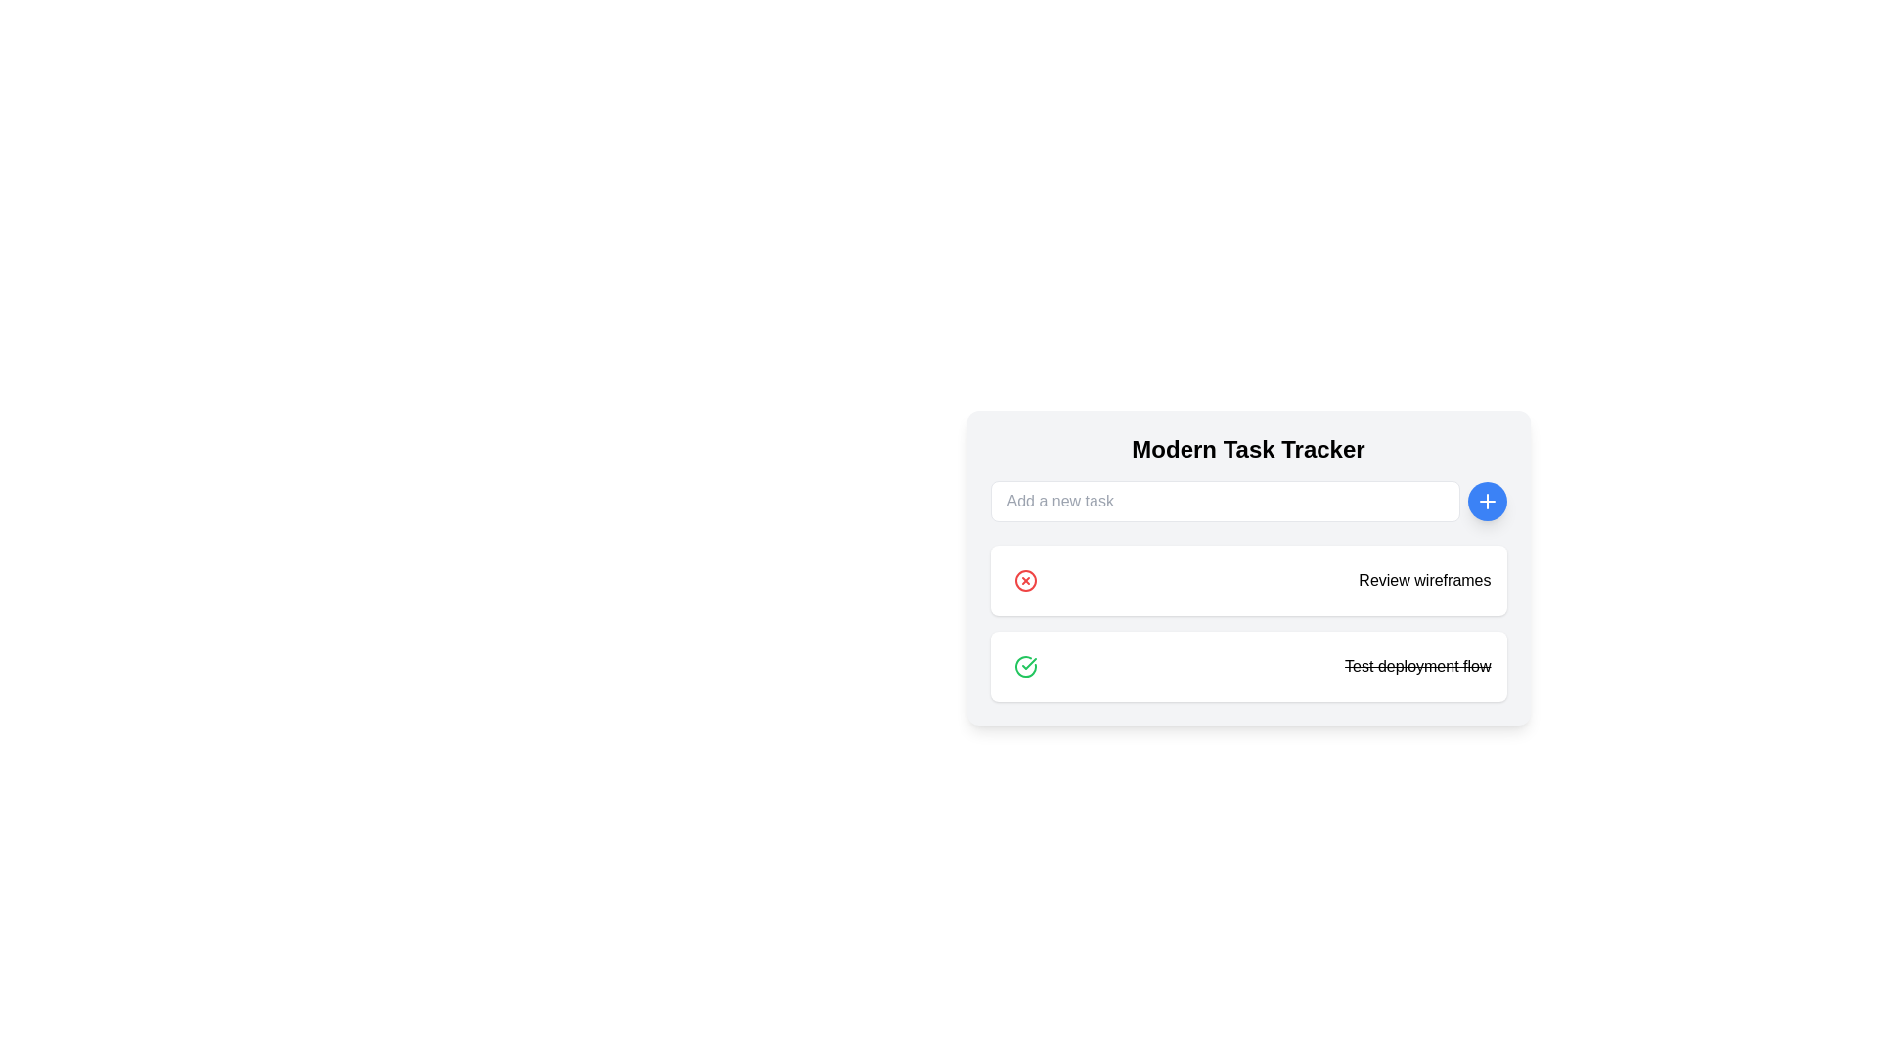  Describe the element at coordinates (1487, 501) in the screenshot. I see `the plus icon button with a blue circular background located in the top-right corner of the 'Modern Task Tracker' group` at that location.